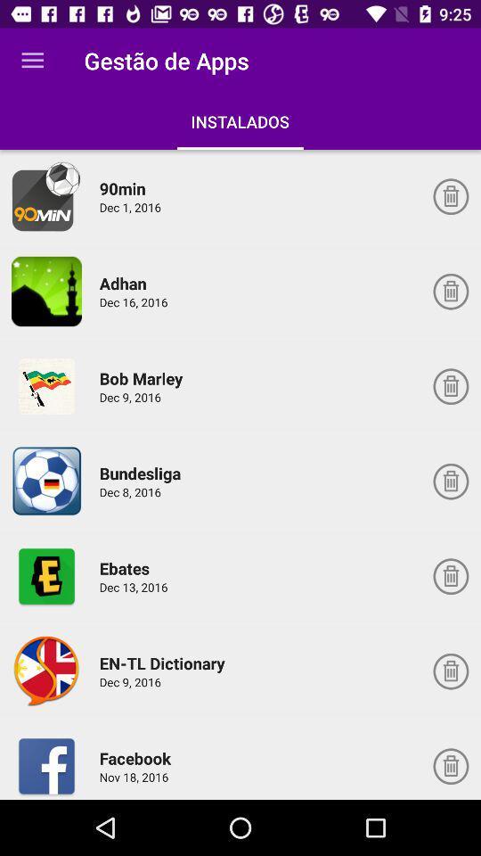  What do you see at coordinates (137, 757) in the screenshot?
I see `the item above the nov 18, 2016 item` at bounding box center [137, 757].